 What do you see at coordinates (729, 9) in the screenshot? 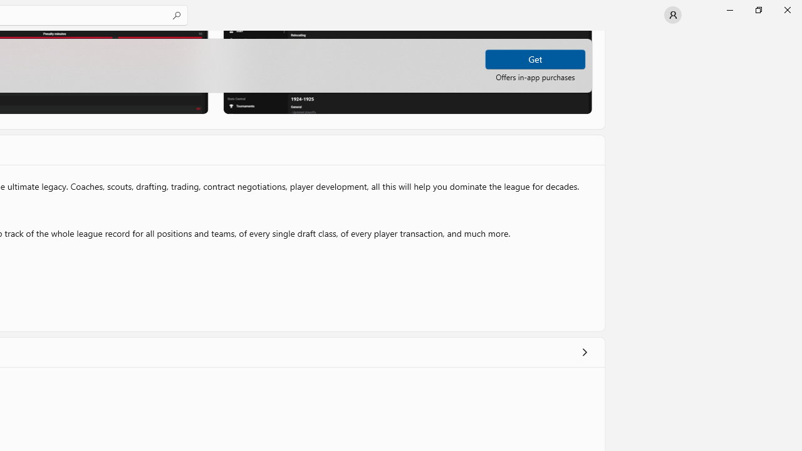
I see `'Minimize Microsoft Store'` at bounding box center [729, 9].